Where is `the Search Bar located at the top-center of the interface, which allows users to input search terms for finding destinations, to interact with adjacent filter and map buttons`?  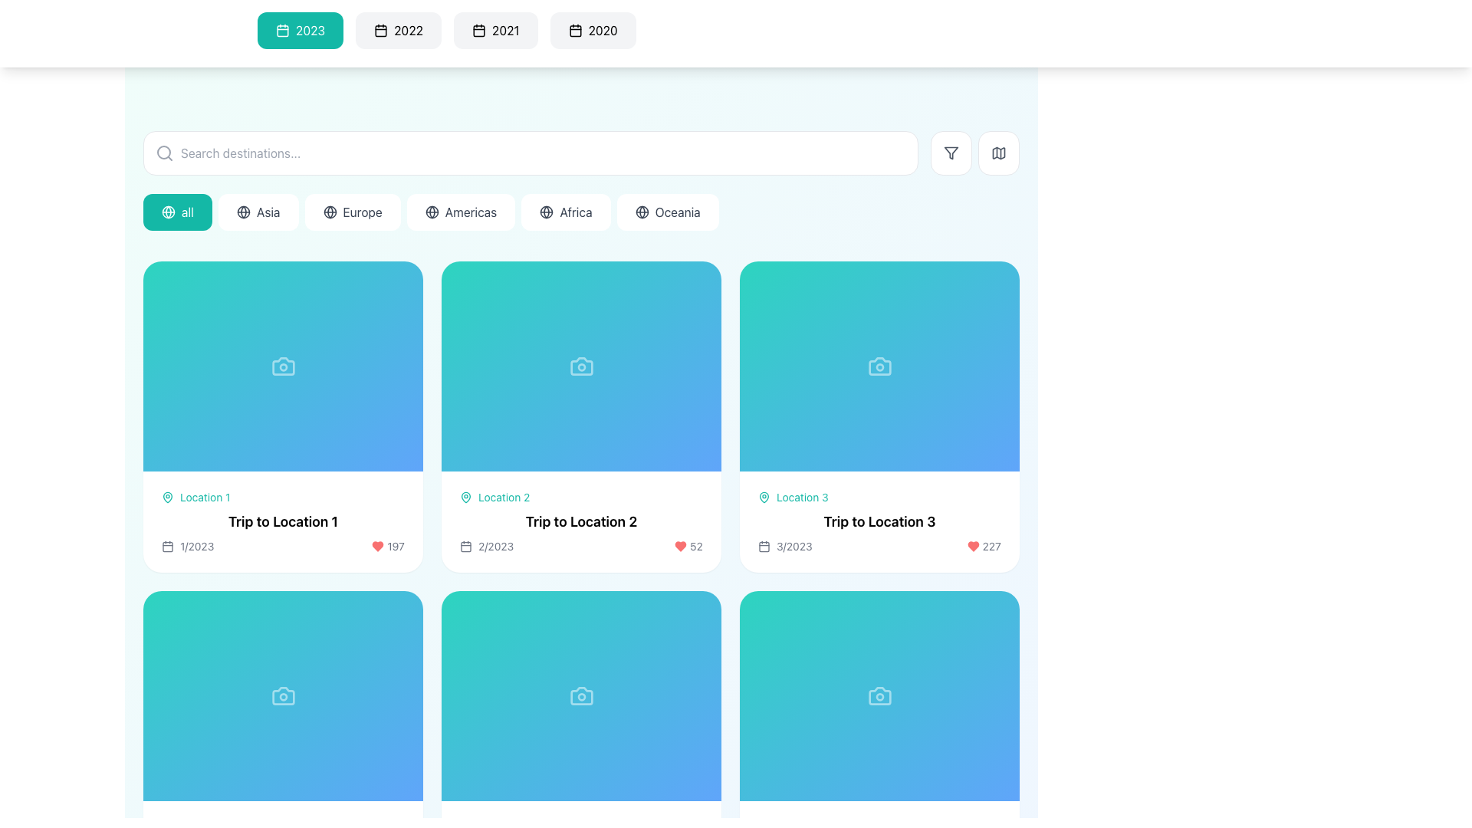 the Search Bar located at the top-center of the interface, which allows users to input search terms for finding destinations, to interact with adjacent filter and map buttons is located at coordinates (580, 153).